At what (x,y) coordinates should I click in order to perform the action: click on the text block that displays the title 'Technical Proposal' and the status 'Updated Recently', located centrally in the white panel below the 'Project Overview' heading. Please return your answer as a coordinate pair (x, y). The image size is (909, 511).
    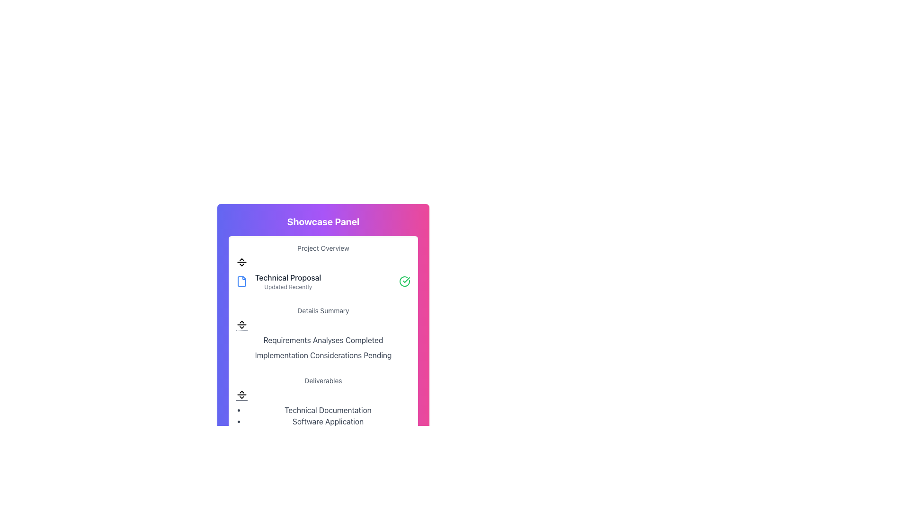
    Looking at the image, I should click on (287, 281).